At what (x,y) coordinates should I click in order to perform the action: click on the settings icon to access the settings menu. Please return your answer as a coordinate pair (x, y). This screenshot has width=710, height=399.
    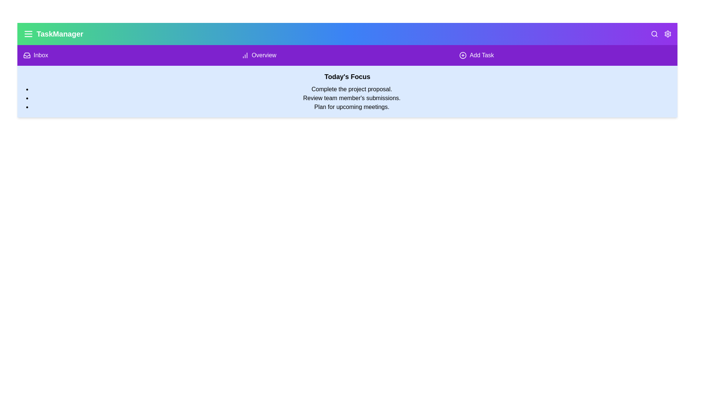
    Looking at the image, I should click on (667, 34).